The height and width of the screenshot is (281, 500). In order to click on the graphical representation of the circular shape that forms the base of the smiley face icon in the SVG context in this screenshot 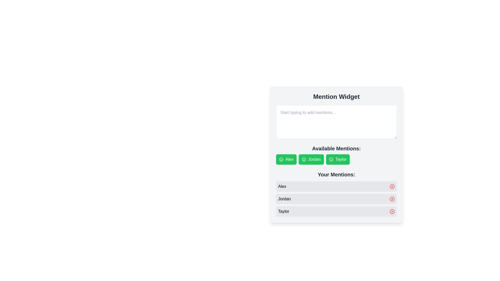, I will do `click(331, 159)`.